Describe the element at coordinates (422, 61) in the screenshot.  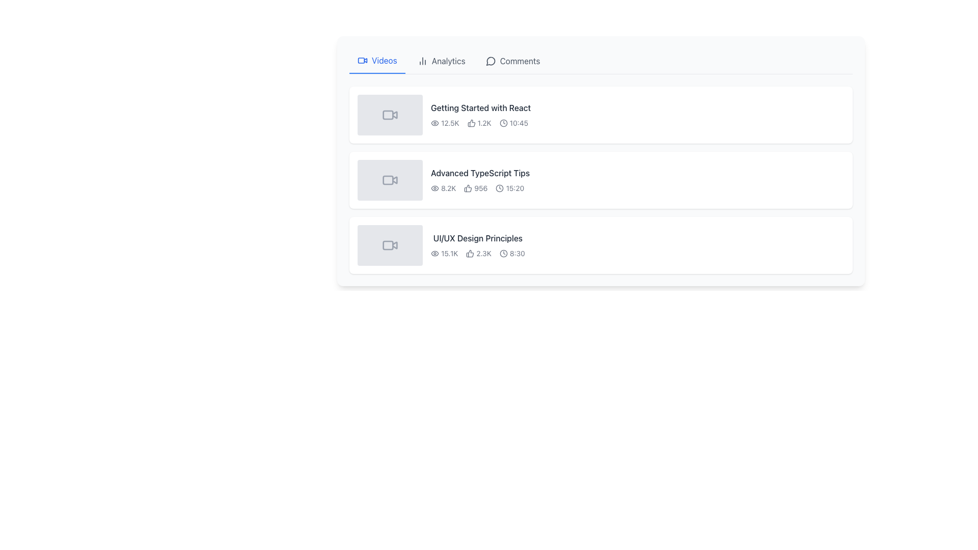
I see `the analytics icon located to the left of the 'Analytics' text label` at that location.